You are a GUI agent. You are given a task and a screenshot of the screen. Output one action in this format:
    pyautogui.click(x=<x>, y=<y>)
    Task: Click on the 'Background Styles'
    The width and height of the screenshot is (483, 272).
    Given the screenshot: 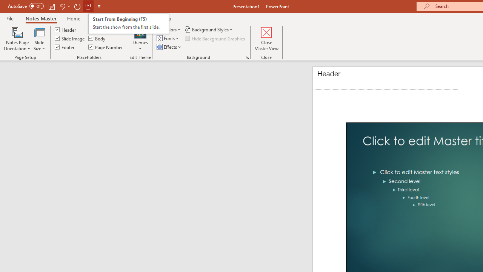 What is the action you would take?
    pyautogui.click(x=209, y=29)
    